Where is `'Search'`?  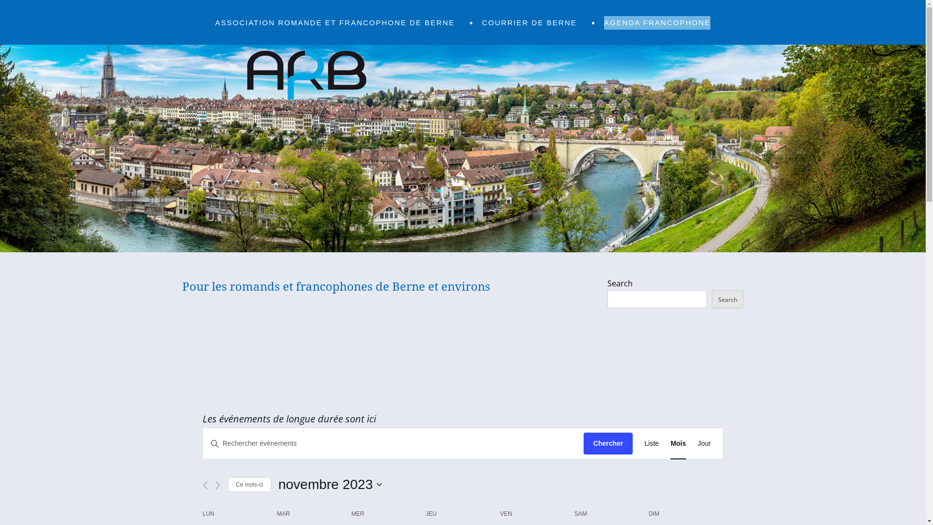 'Search' is located at coordinates (727, 298).